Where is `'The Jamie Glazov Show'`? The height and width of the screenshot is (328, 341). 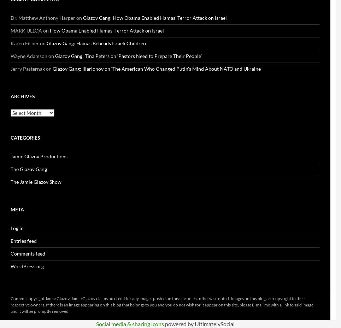 'The Jamie Glazov Show' is located at coordinates (36, 181).